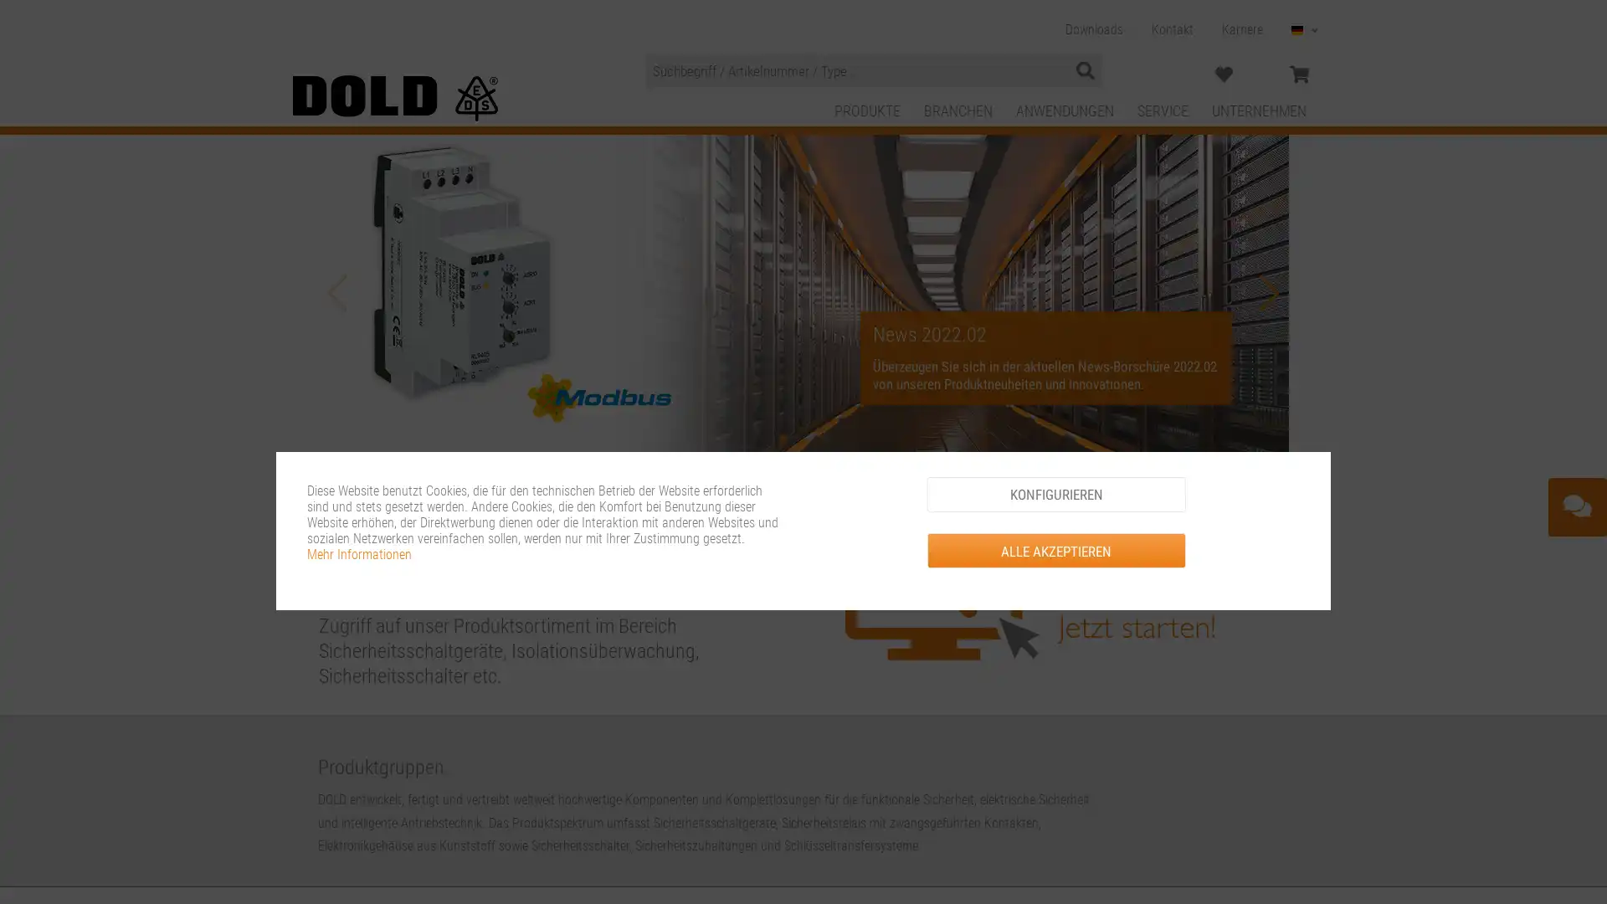 The width and height of the screenshot is (1607, 904). What do you see at coordinates (1085, 69) in the screenshot?
I see `Suchen` at bounding box center [1085, 69].